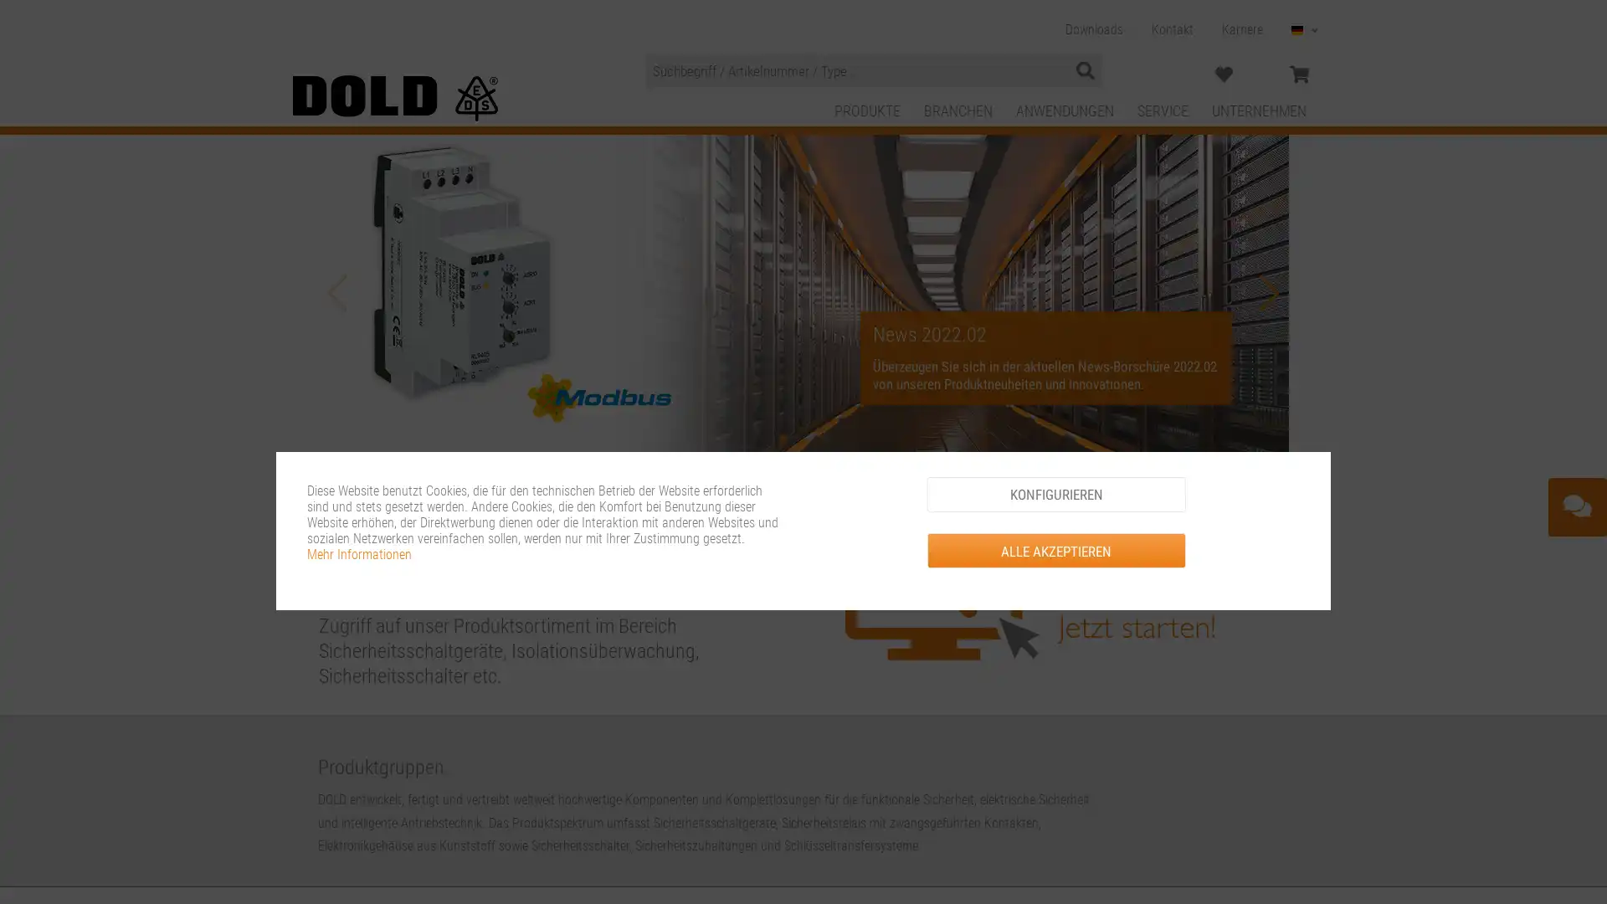 The width and height of the screenshot is (1607, 904). What do you see at coordinates (1085, 69) in the screenshot?
I see `Suchen` at bounding box center [1085, 69].